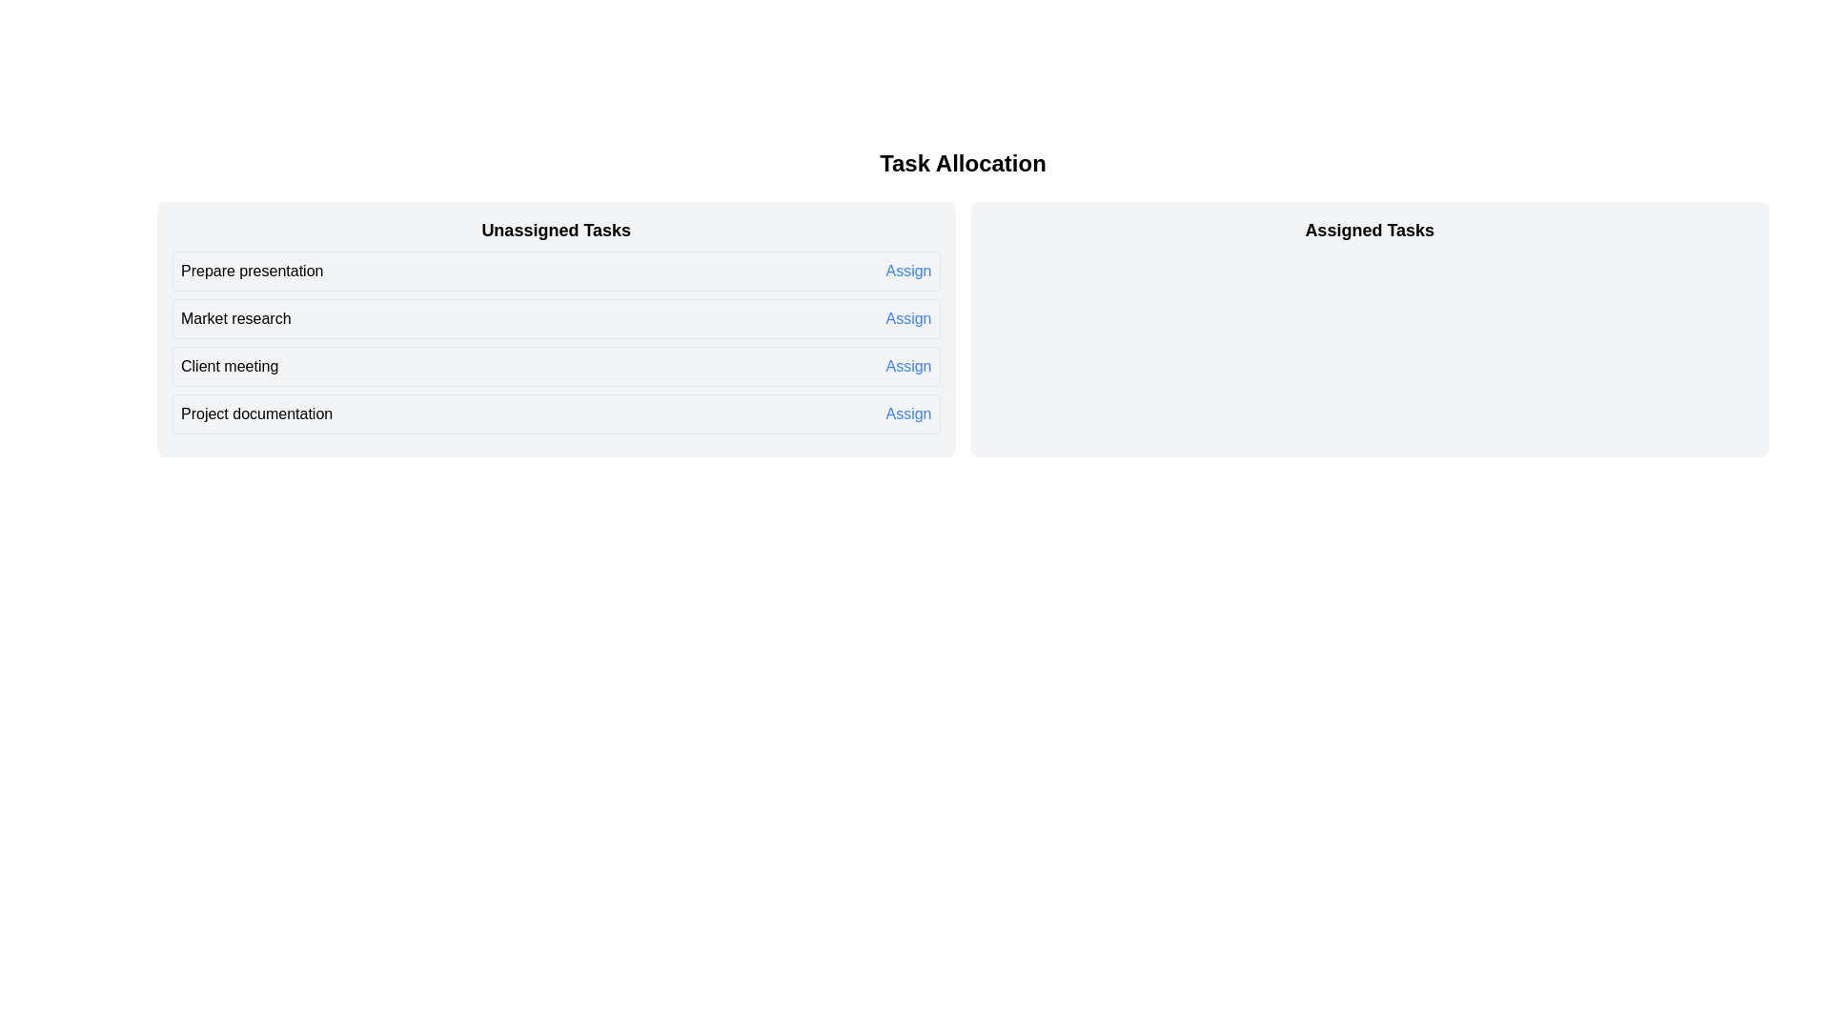 The image size is (1830, 1029). Describe the element at coordinates (907, 367) in the screenshot. I see `the 'Assign' hyperlink styled text located in the right section of the task list for 'Client meeting'` at that location.